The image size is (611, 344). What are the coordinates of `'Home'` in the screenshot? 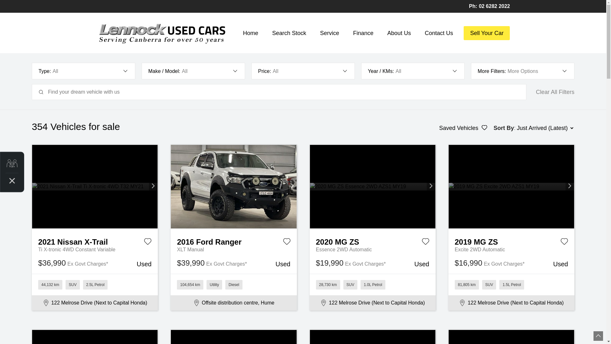 It's located at (250, 33).